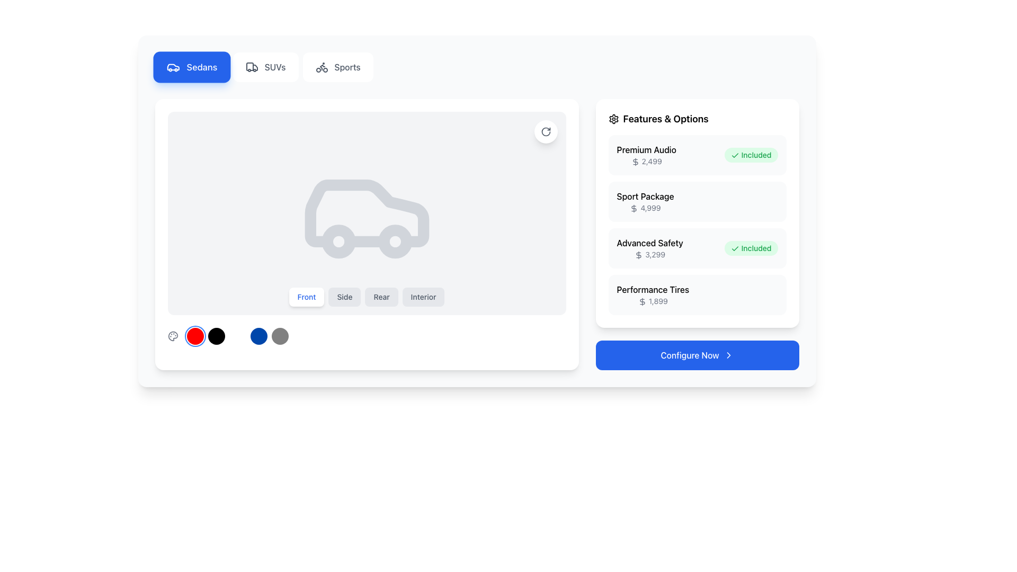 The width and height of the screenshot is (1017, 572). What do you see at coordinates (337, 67) in the screenshot?
I see `the 'Sports' category button, which is the third button in a horizontal group of options located at the top center of the interface` at bounding box center [337, 67].